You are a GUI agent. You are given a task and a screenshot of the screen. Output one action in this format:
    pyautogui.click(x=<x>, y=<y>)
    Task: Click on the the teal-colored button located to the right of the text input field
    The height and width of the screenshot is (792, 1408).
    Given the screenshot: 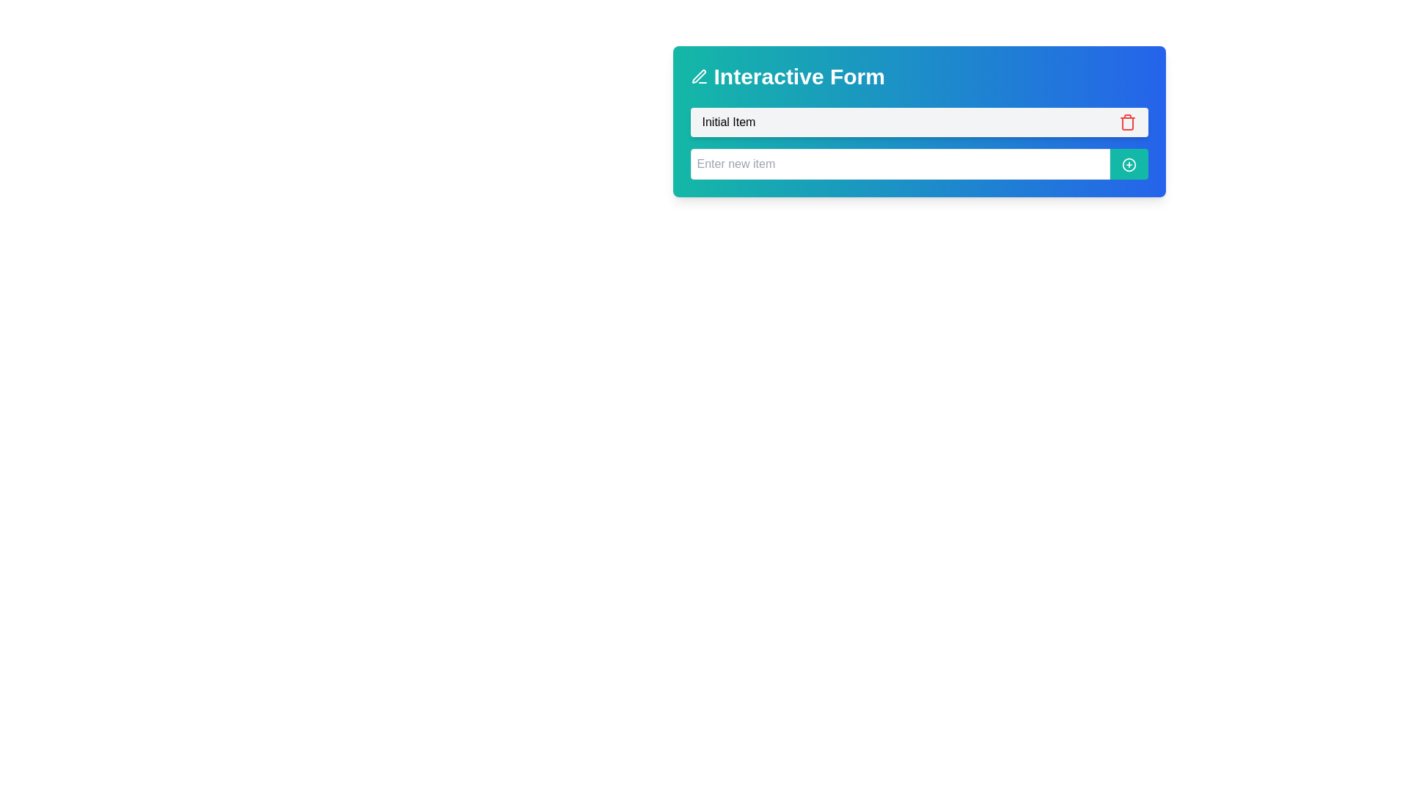 What is the action you would take?
    pyautogui.click(x=1128, y=164)
    